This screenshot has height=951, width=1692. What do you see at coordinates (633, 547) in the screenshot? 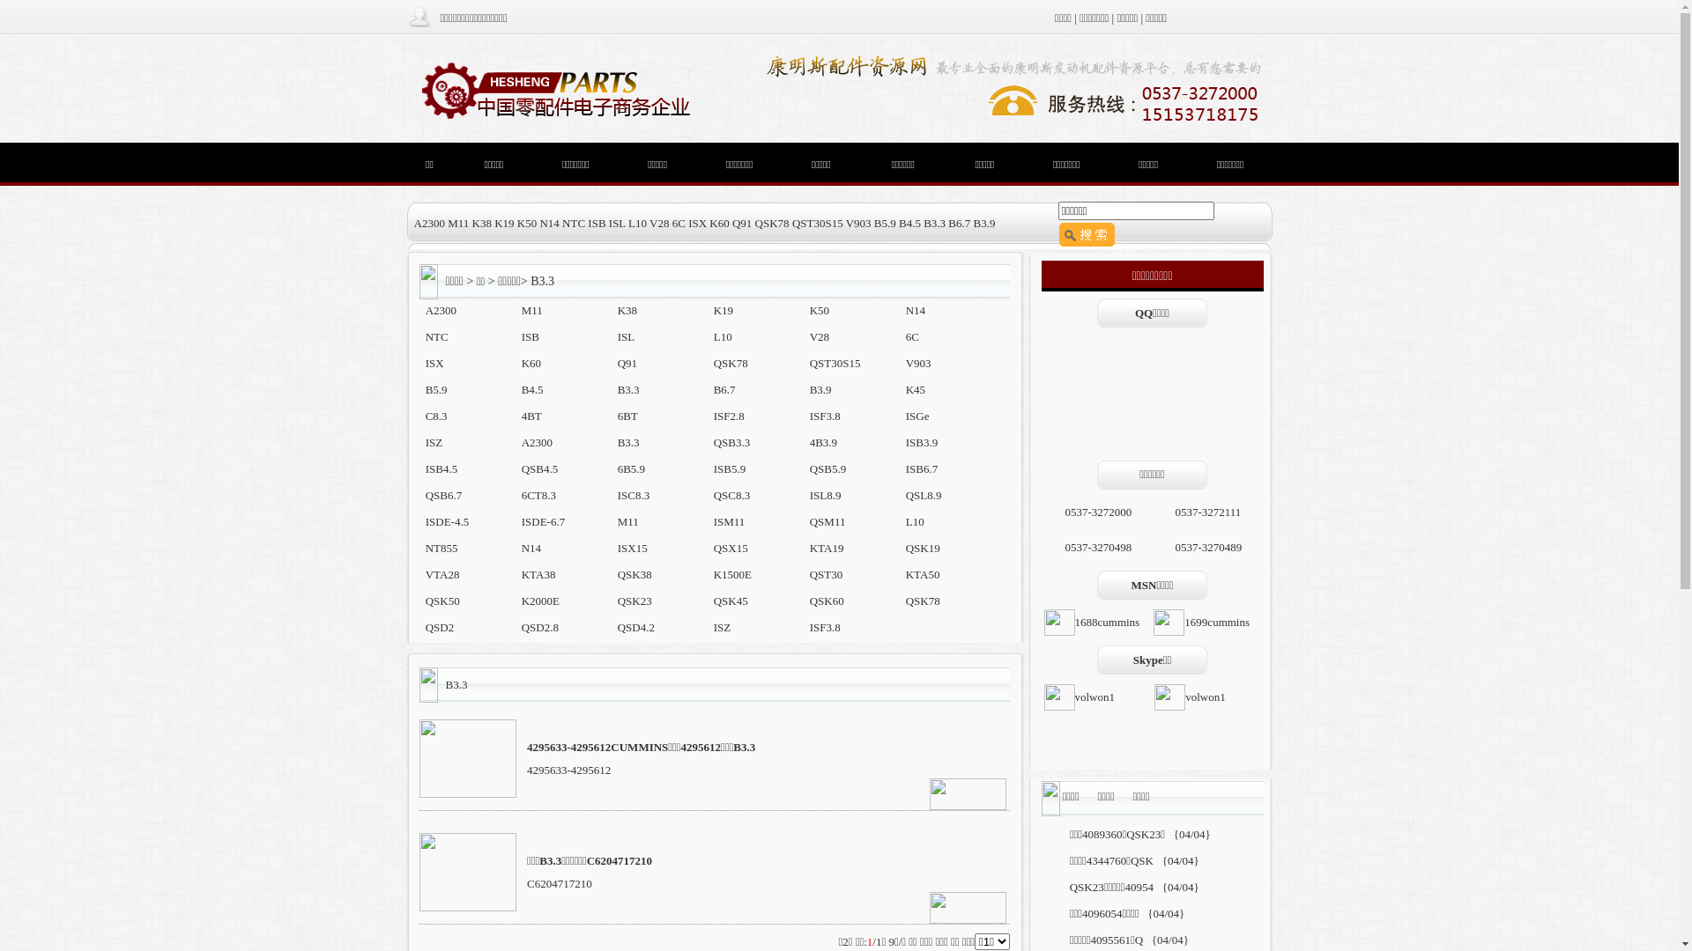
I see `'ISX15'` at bounding box center [633, 547].